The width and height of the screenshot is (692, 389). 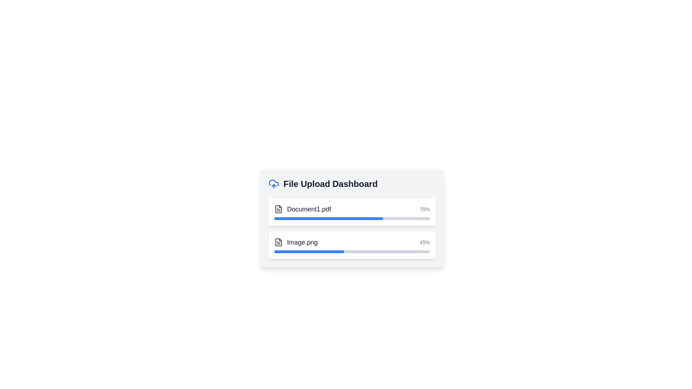 What do you see at coordinates (309, 209) in the screenshot?
I see `the text label displaying 'Document1.pdf'` at bounding box center [309, 209].